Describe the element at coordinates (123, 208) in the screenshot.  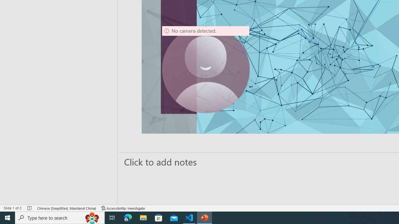
I see `'Accessibility Checker Accessibility: Investigate'` at that location.